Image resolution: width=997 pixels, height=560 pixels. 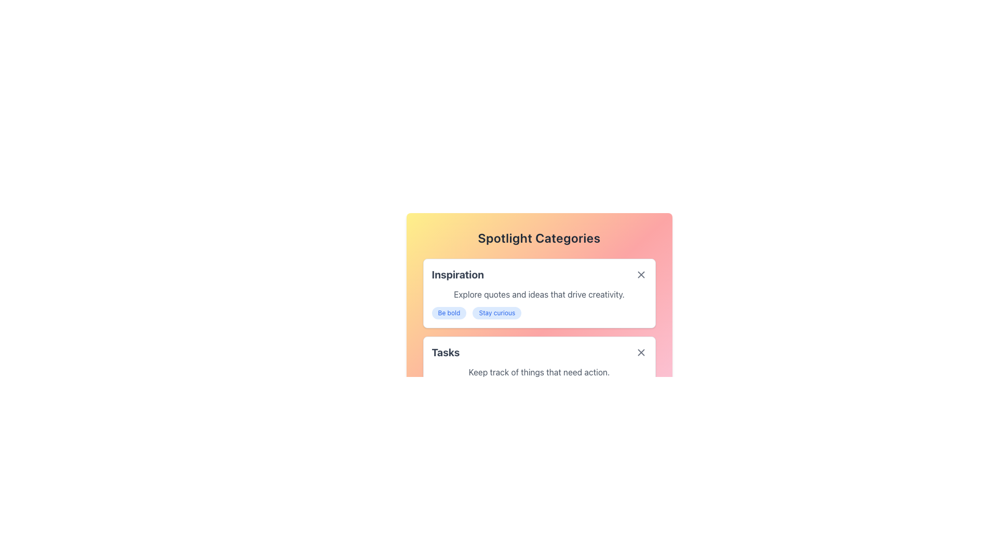 What do you see at coordinates (640, 352) in the screenshot?
I see `the small interactive 'X' icon located at the far right of the row containing the 'Tasks' title` at bounding box center [640, 352].